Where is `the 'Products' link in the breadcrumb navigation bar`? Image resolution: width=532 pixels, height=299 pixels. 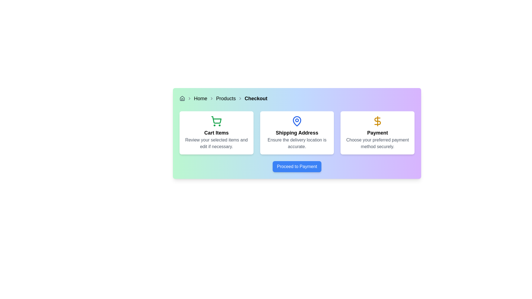
the 'Products' link in the breadcrumb navigation bar is located at coordinates (226, 98).